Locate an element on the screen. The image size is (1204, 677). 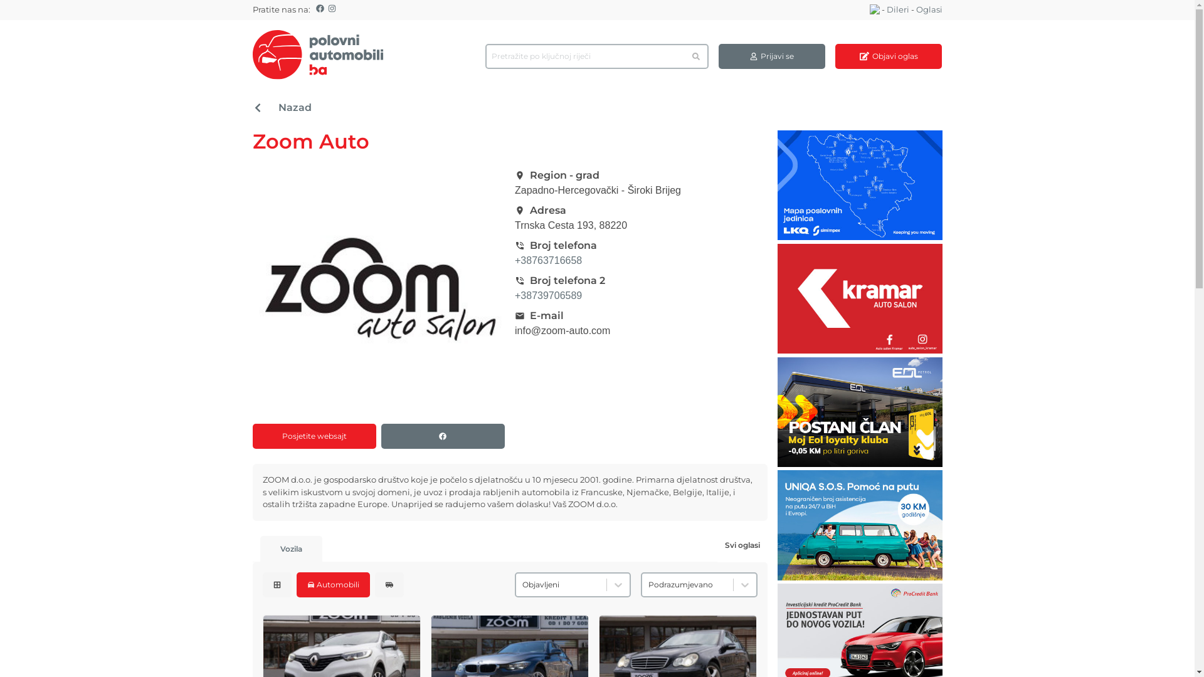
'+38739706589' is located at coordinates (548, 295).